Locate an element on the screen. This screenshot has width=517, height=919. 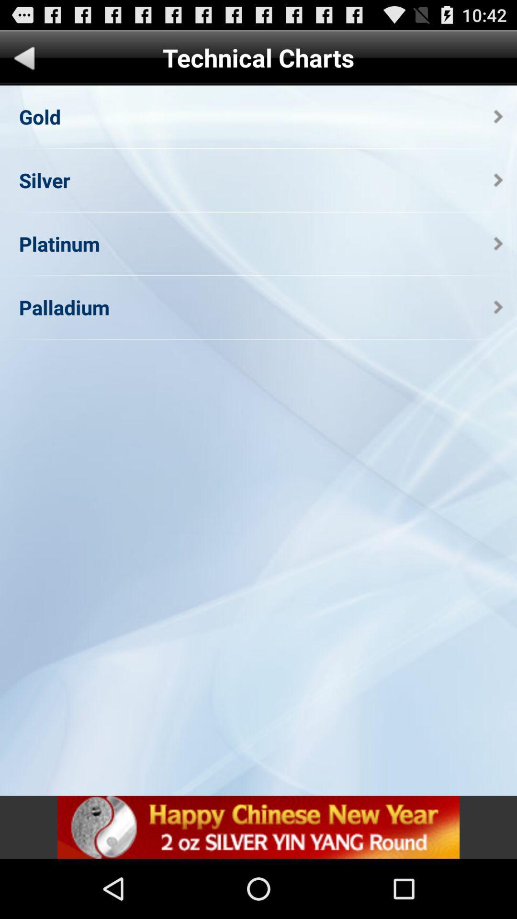
the silver app is located at coordinates (44, 180).